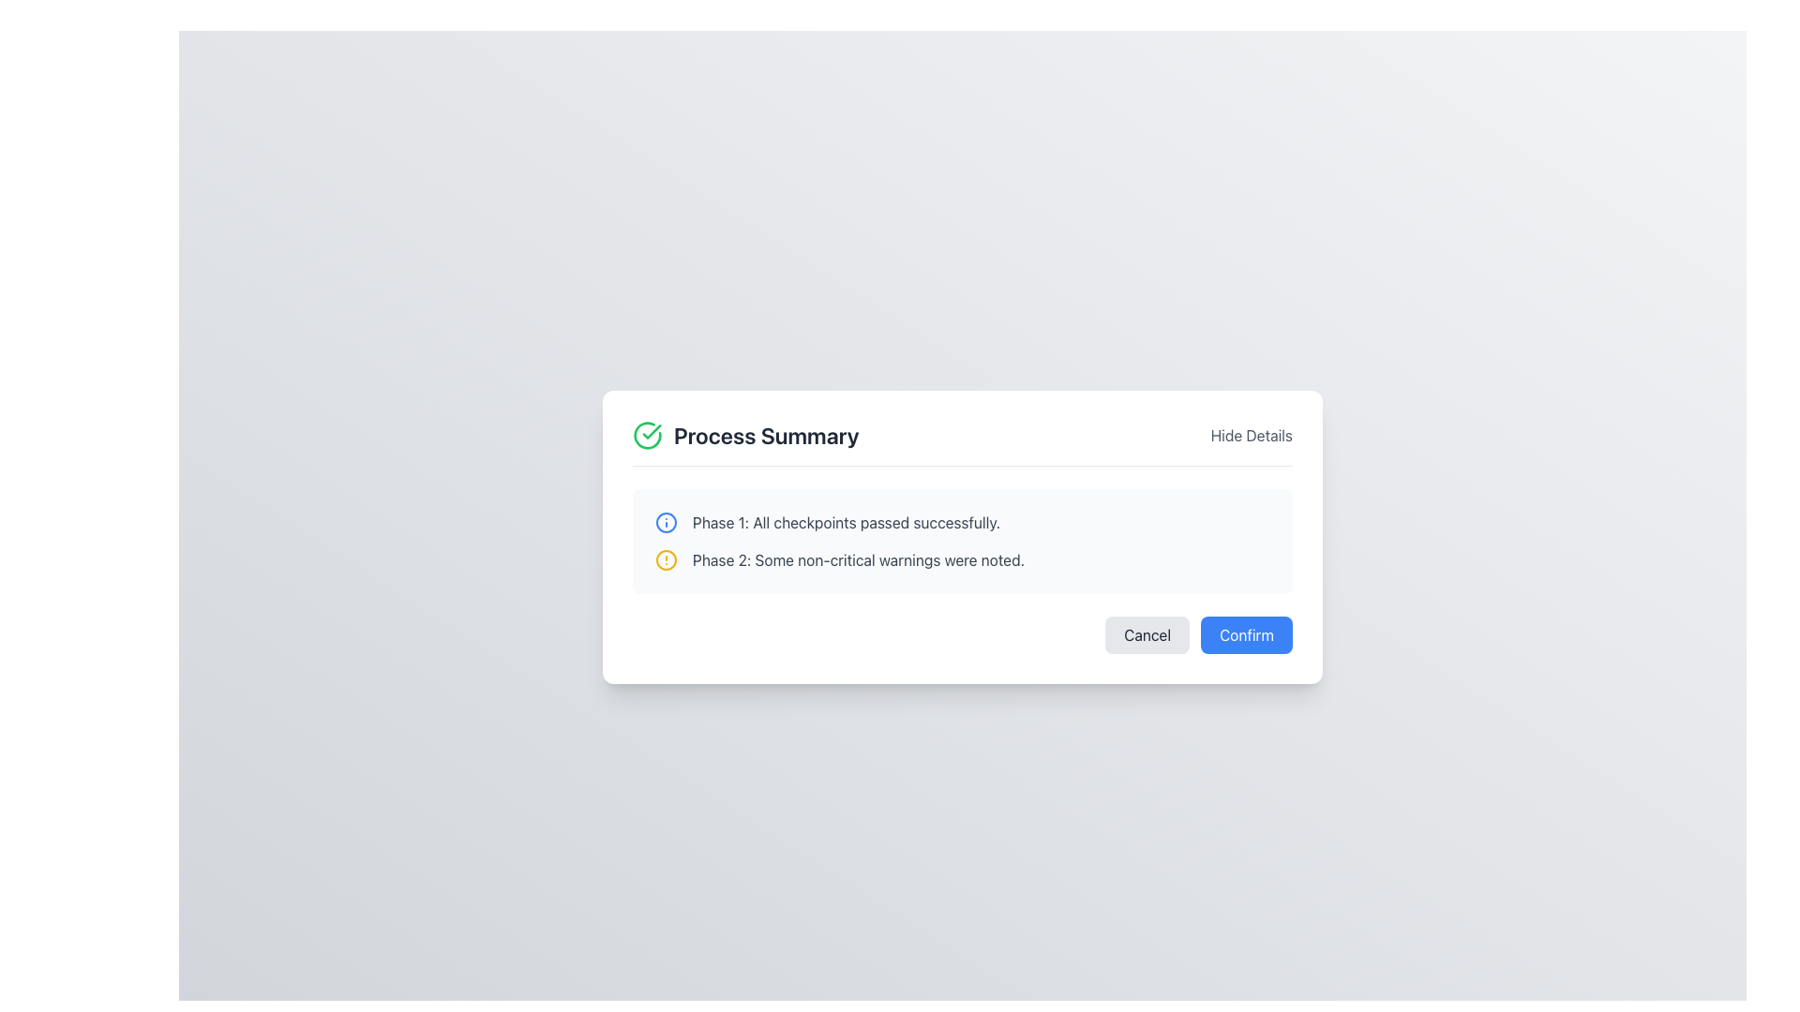 This screenshot has width=1800, height=1012. What do you see at coordinates (648, 435) in the screenshot?
I see `the circular icon with a green outline and white center featuring a green checkmark, located to the immediate left of the 'Process Summary' text` at bounding box center [648, 435].